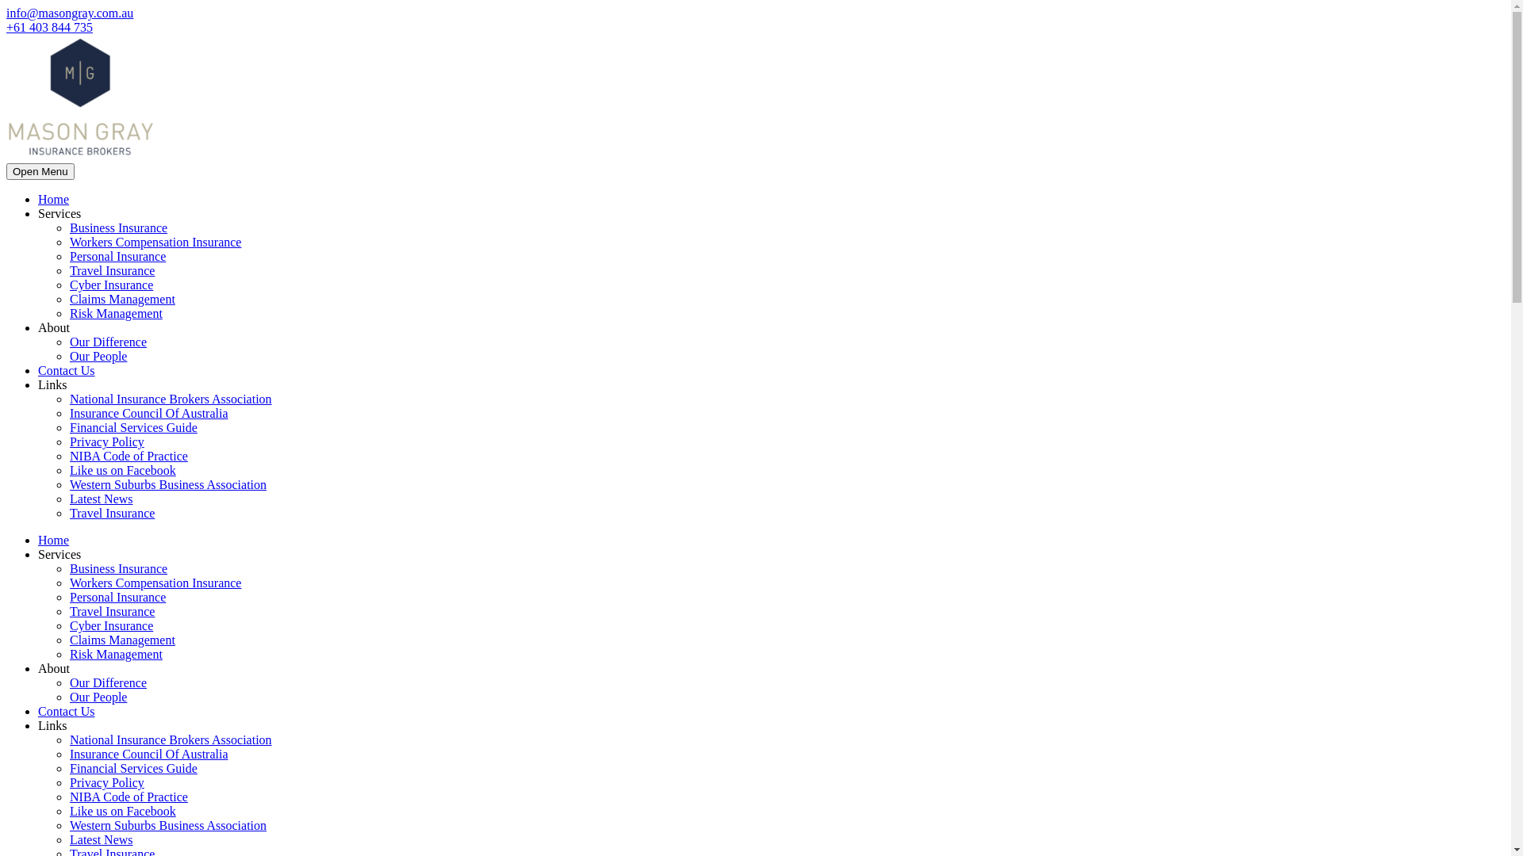 Image resolution: width=1523 pixels, height=856 pixels. Describe the element at coordinates (105, 781) in the screenshot. I see `'Privacy Policy'` at that location.